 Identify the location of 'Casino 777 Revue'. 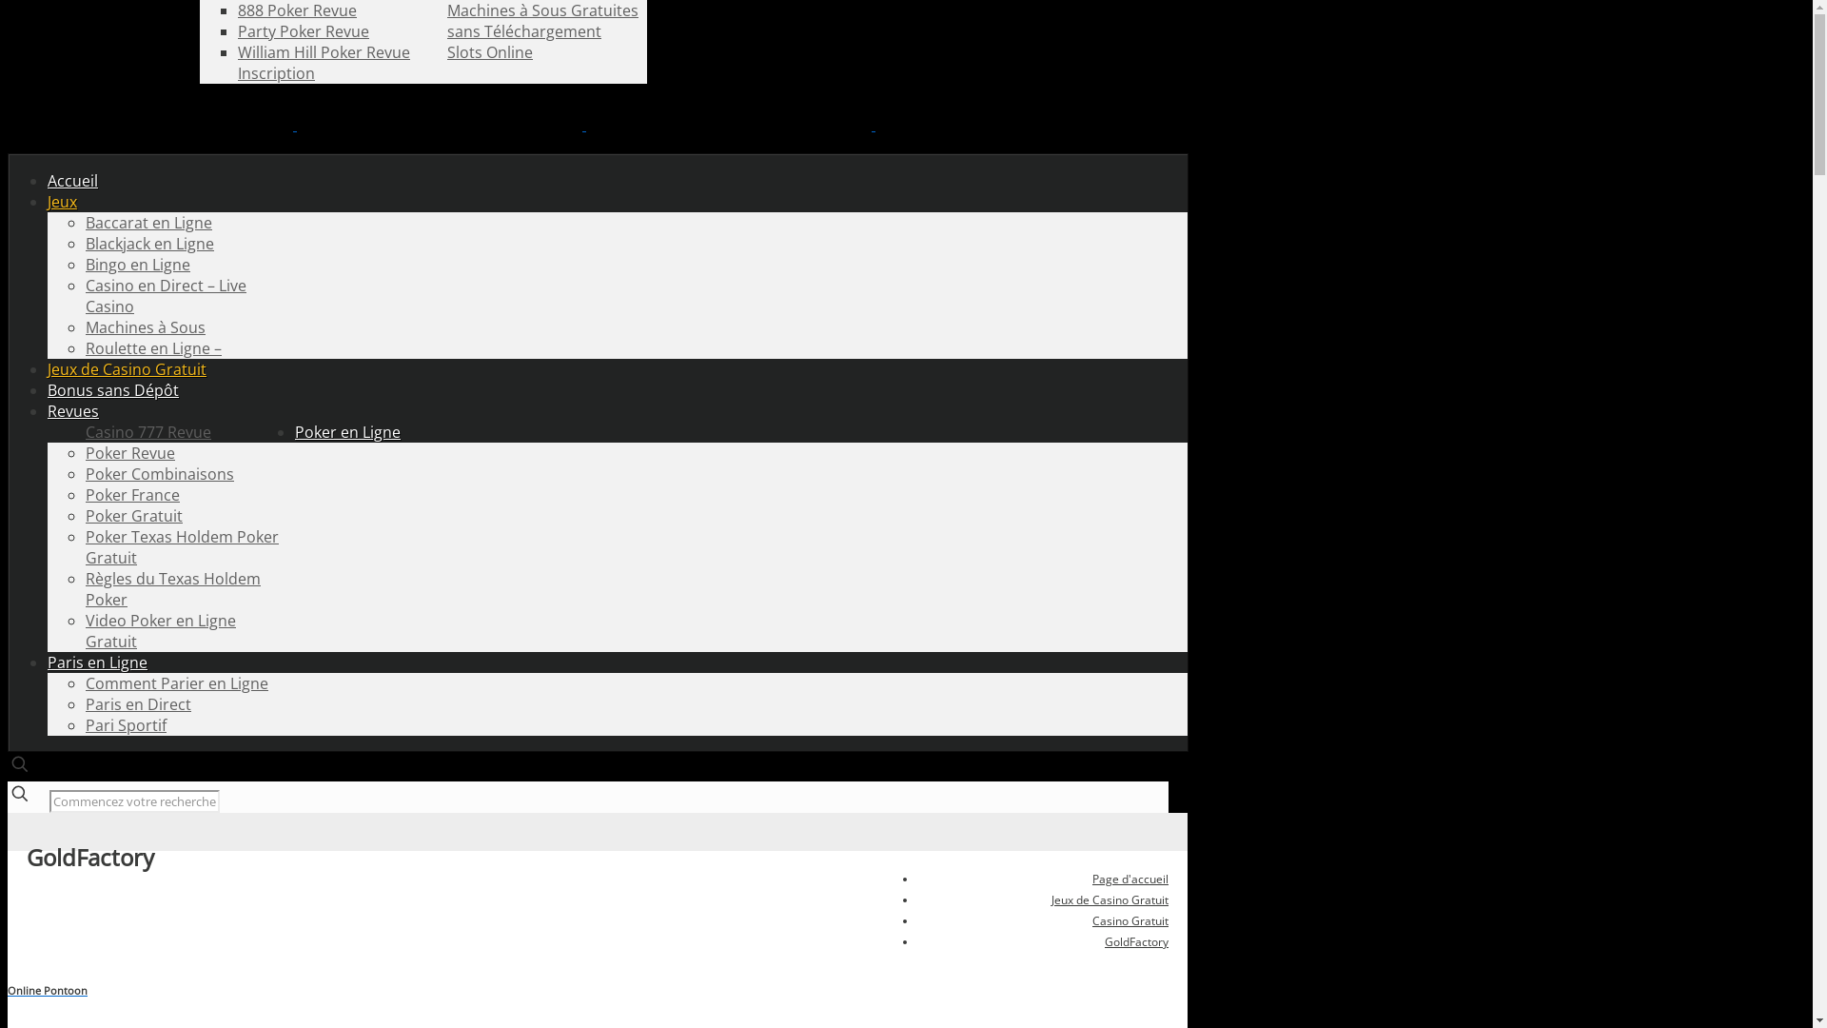
(147, 432).